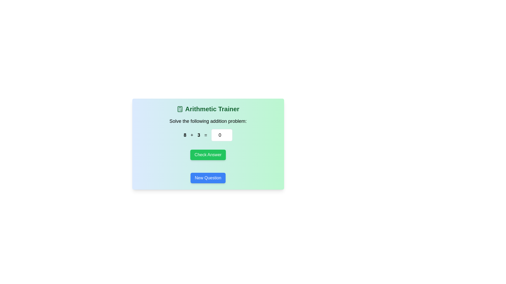  What do you see at coordinates (192, 135) in the screenshot?
I see `the static text label that represents the addition operation in the arithmetic expression '8 + 3 = 0', located centrally between '8' and '3'` at bounding box center [192, 135].